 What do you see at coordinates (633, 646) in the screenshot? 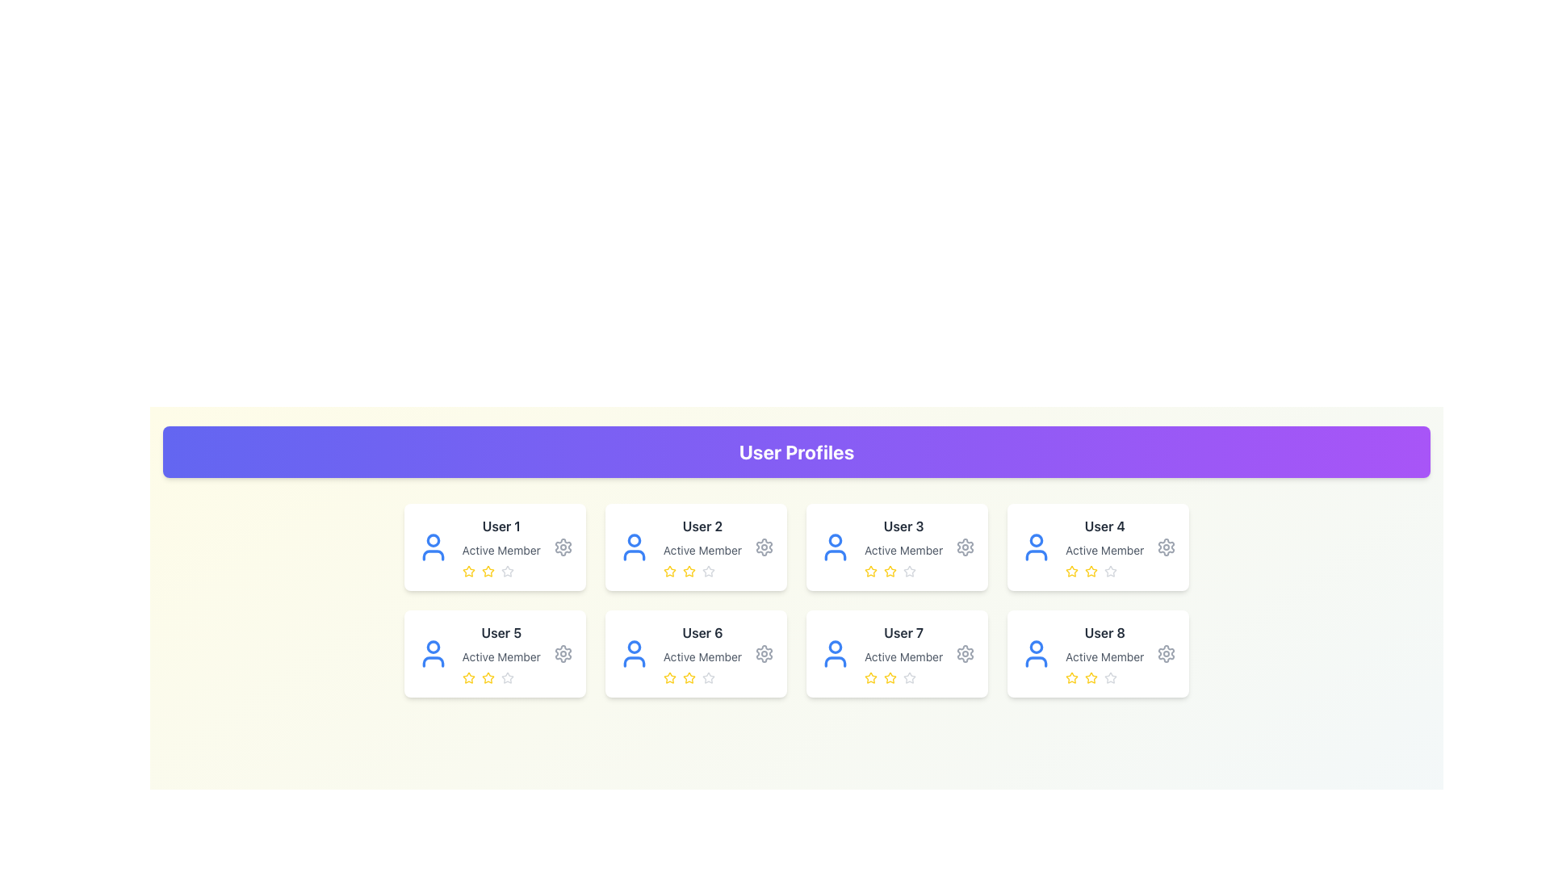
I see `the SVG circle graphic representing the profile icon for 'User 6', located in the bottom row, second column of the user profile grid` at bounding box center [633, 646].